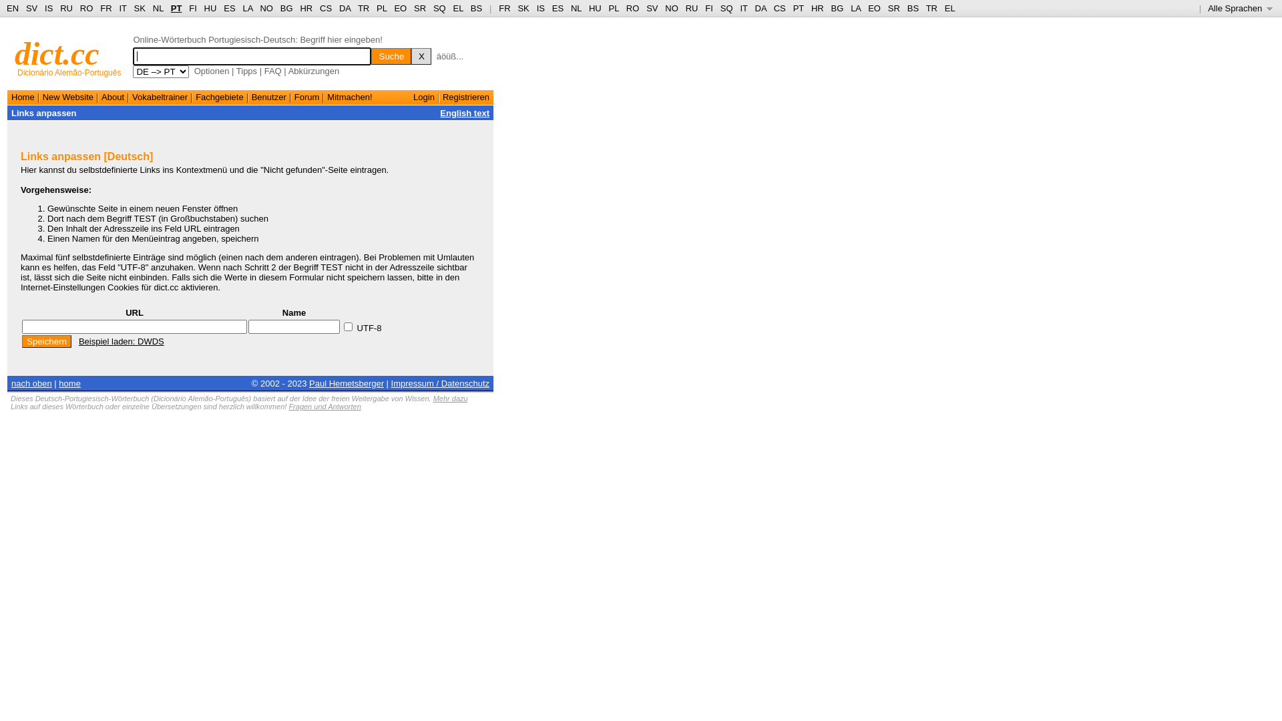 This screenshot has height=721, width=1282. Describe the element at coordinates (742, 8) in the screenshot. I see `'IT'` at that location.